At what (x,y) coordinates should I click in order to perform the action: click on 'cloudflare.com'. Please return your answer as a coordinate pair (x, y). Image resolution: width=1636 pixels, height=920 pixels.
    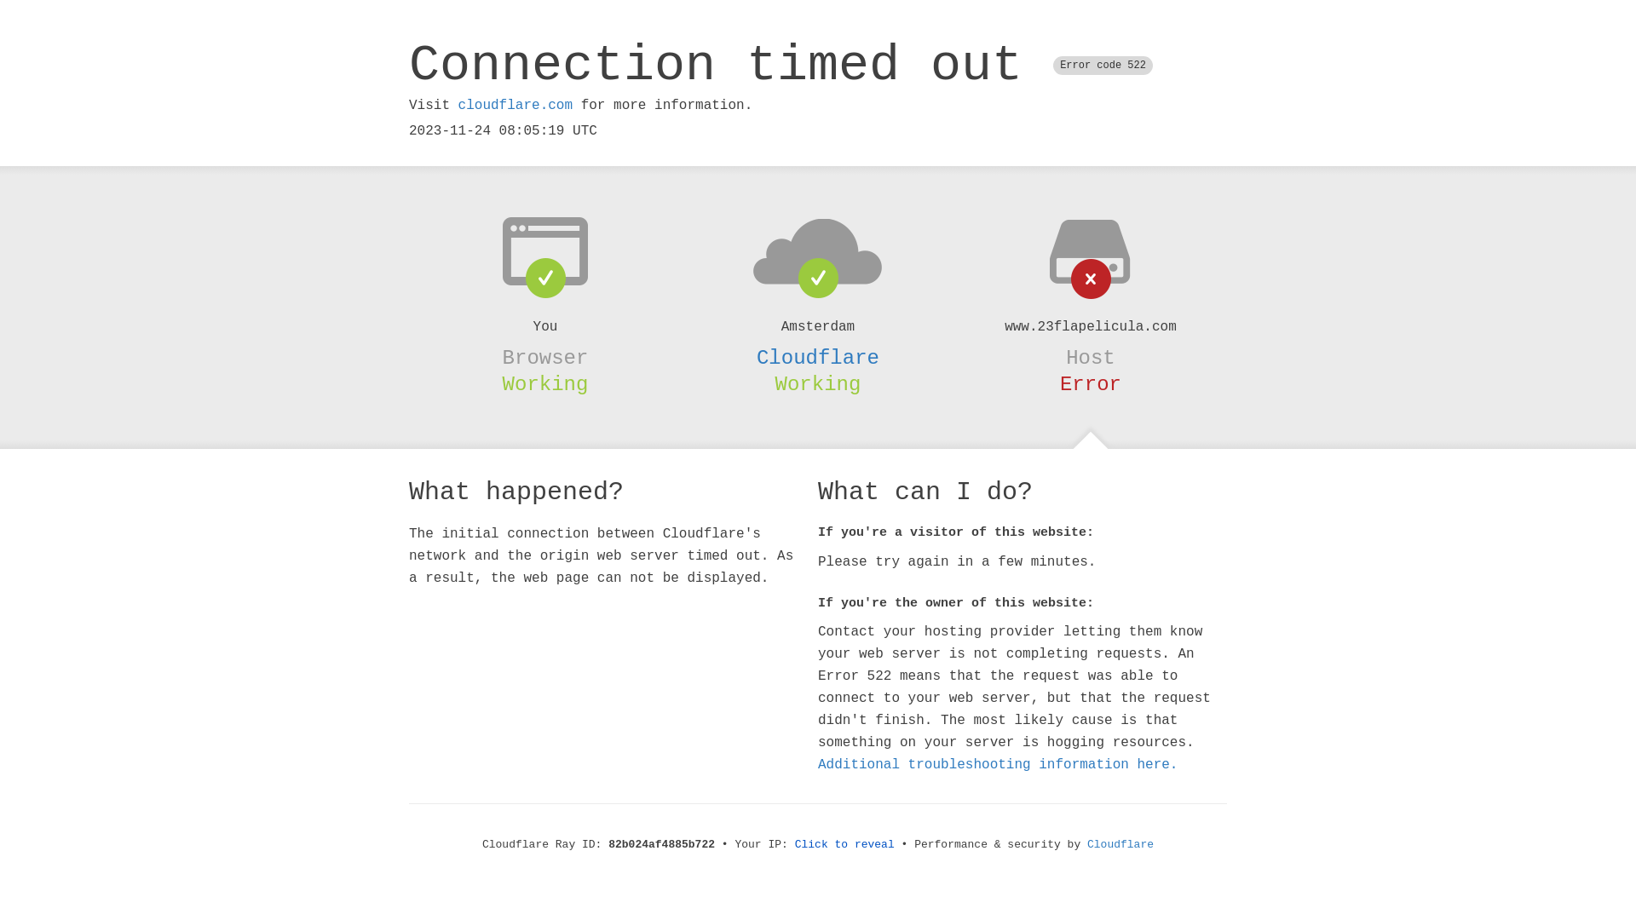
    Looking at the image, I should click on (514, 105).